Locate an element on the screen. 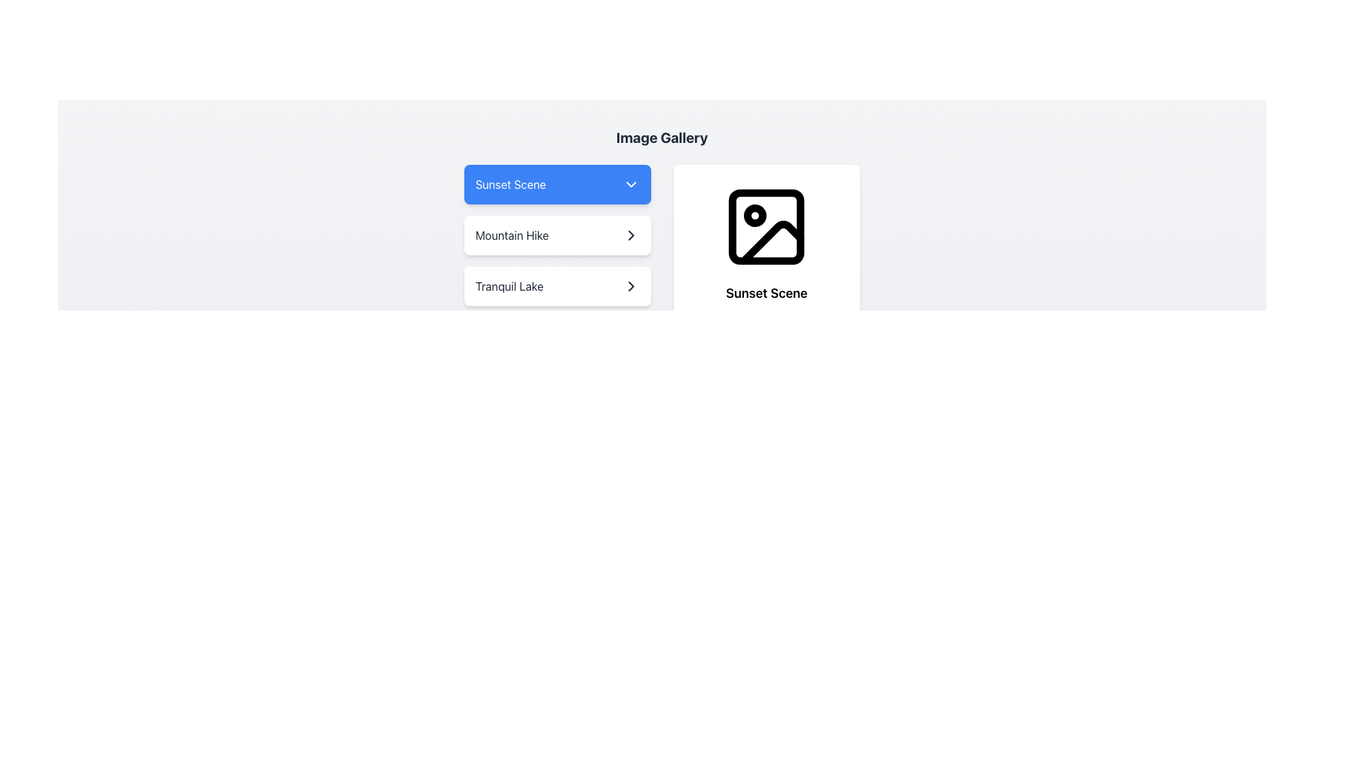  the text label that serves as the header for the image gallery, positioned at the top center of the interface, indicating the content below is located at coordinates (661, 138).